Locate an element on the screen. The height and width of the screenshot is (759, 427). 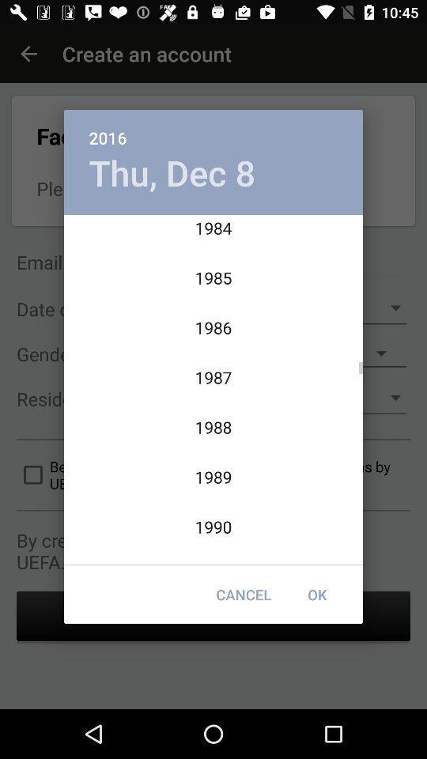
thu, dec 8 icon is located at coordinates (171, 172).